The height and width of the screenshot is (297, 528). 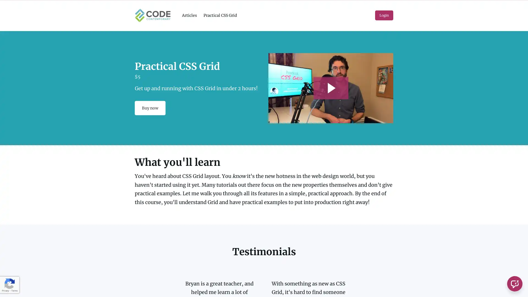 I want to click on Play, so click(x=330, y=87).